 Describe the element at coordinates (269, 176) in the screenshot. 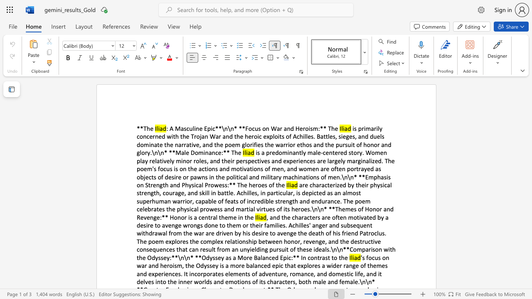

I see `the subset text "itary machinations of men.\n\n* **Emphasis on Strength a" within the text "is a predominantly male-centered story. Women play relatively minor roles, and their perspectives and experiences are largely marginalized. The poem"` at that location.